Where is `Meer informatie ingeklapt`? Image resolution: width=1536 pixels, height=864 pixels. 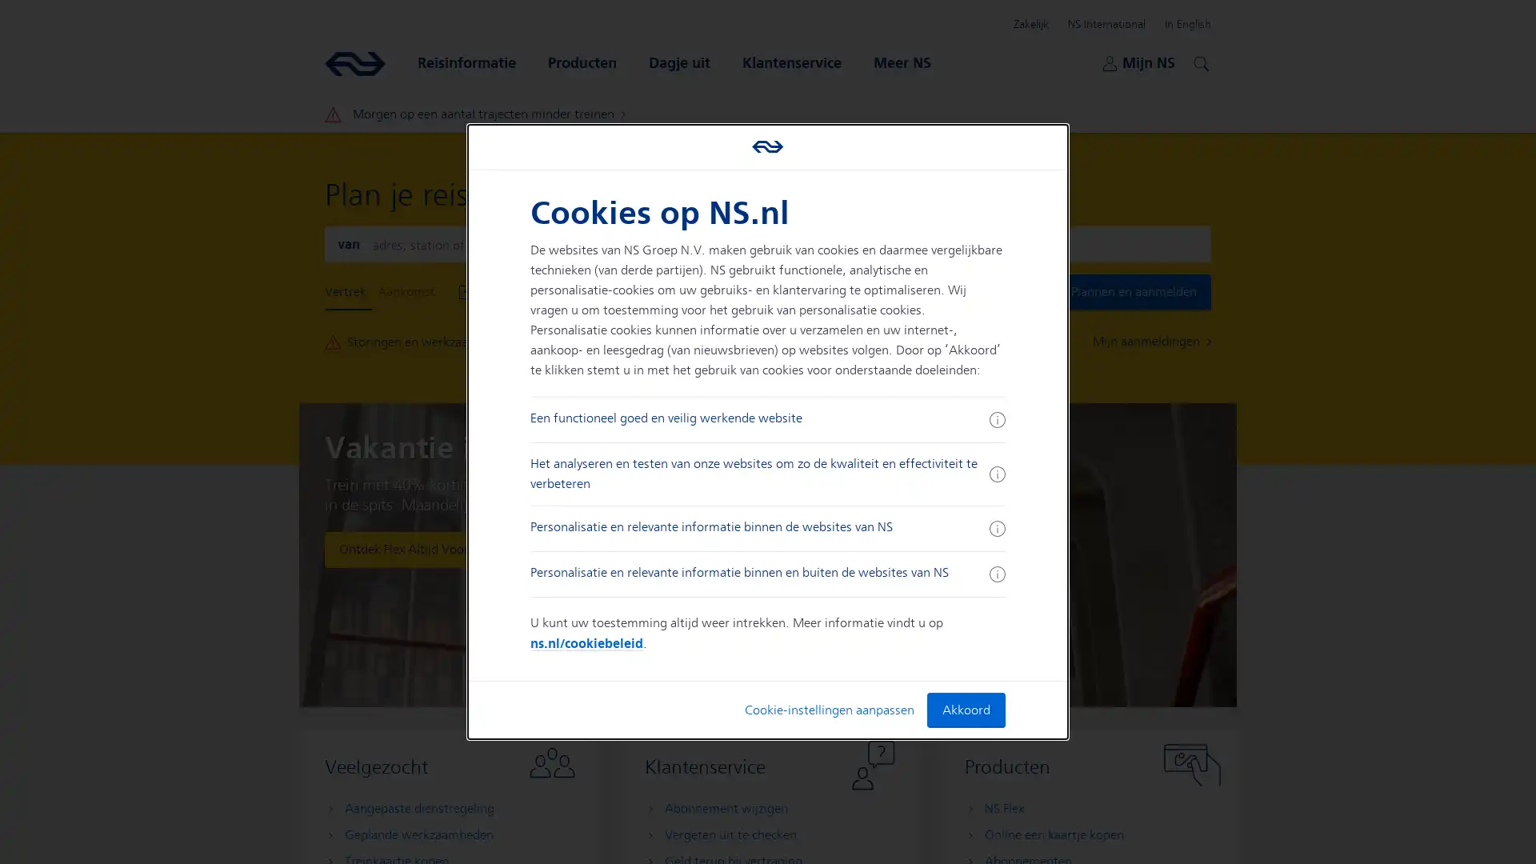 Meer informatie ingeklapt is located at coordinates (996, 573).